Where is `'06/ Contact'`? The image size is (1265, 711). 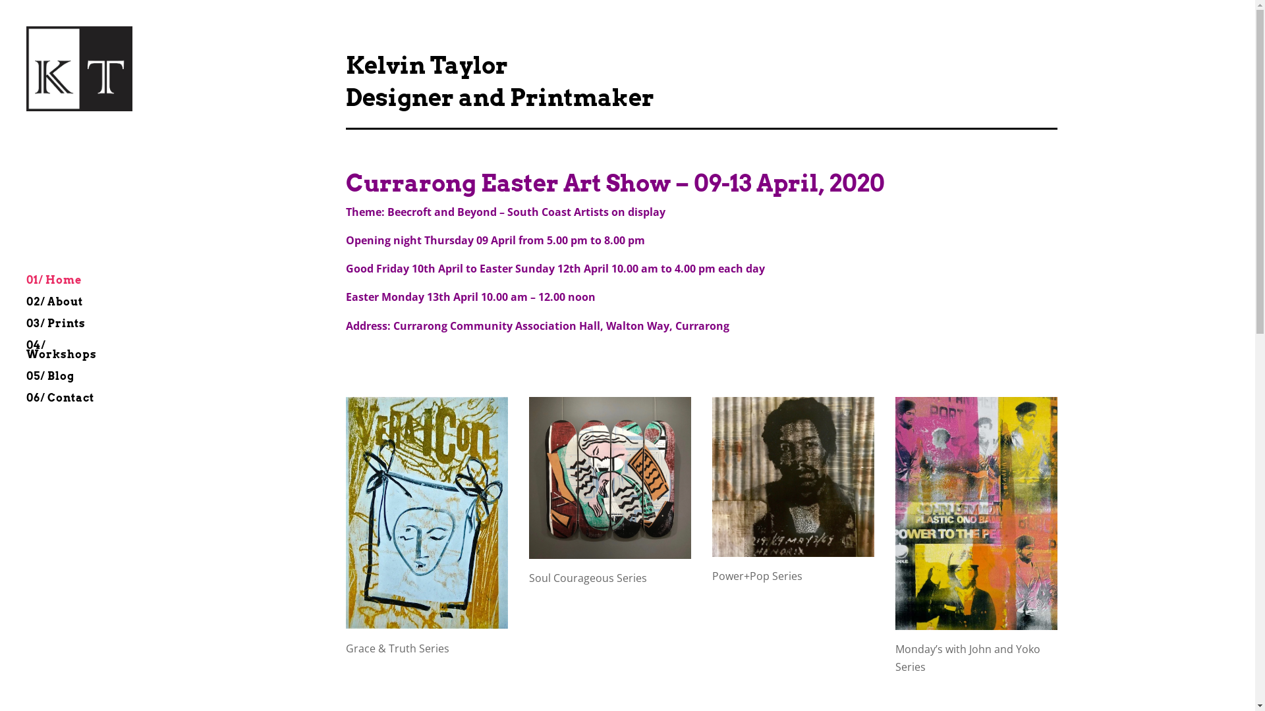
'06/ Contact' is located at coordinates (84, 404).